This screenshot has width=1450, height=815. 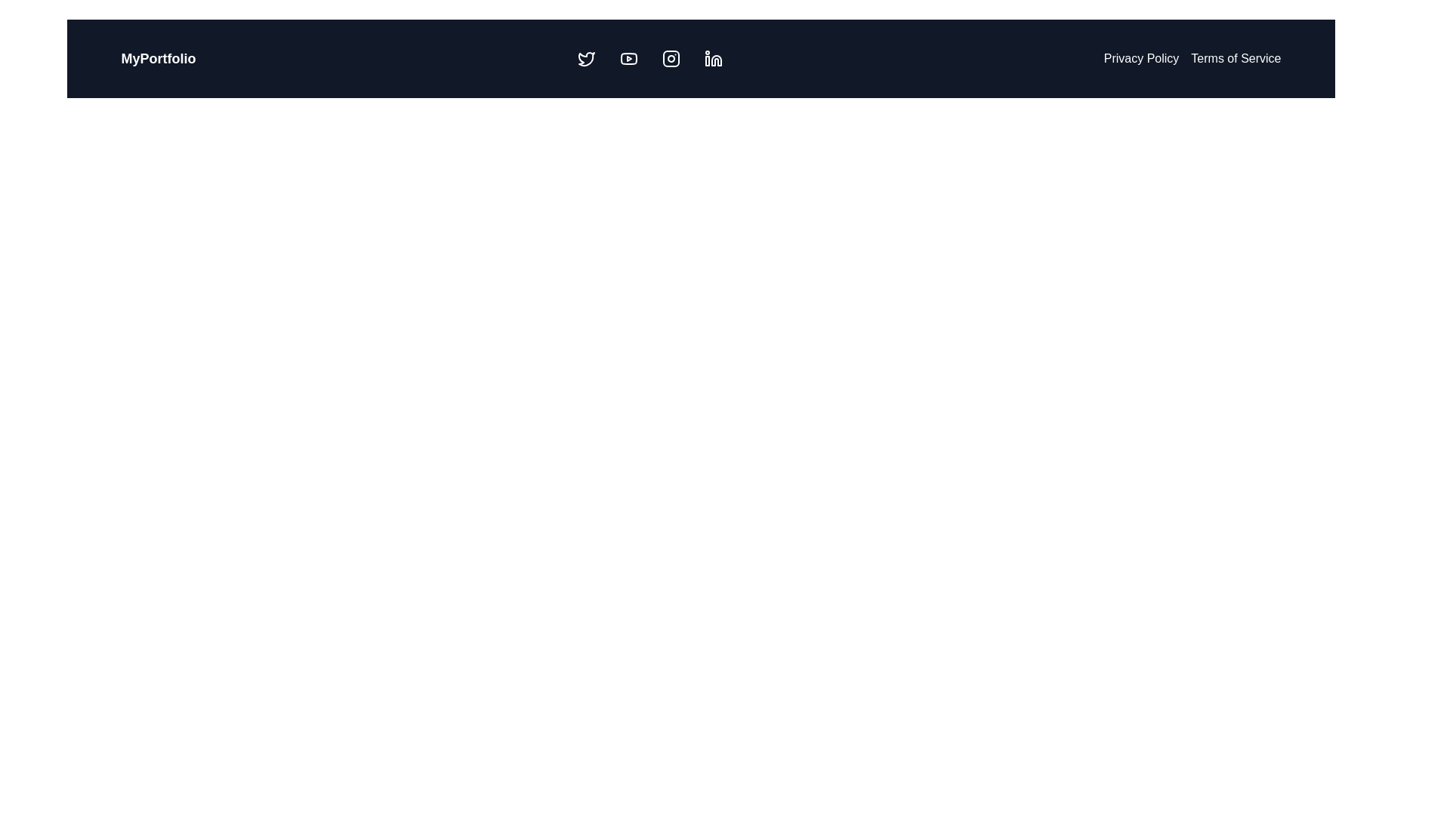 I want to click on the YouTube button located in the top navigation bar, which is the third button among four social media icons, so click(x=628, y=57).